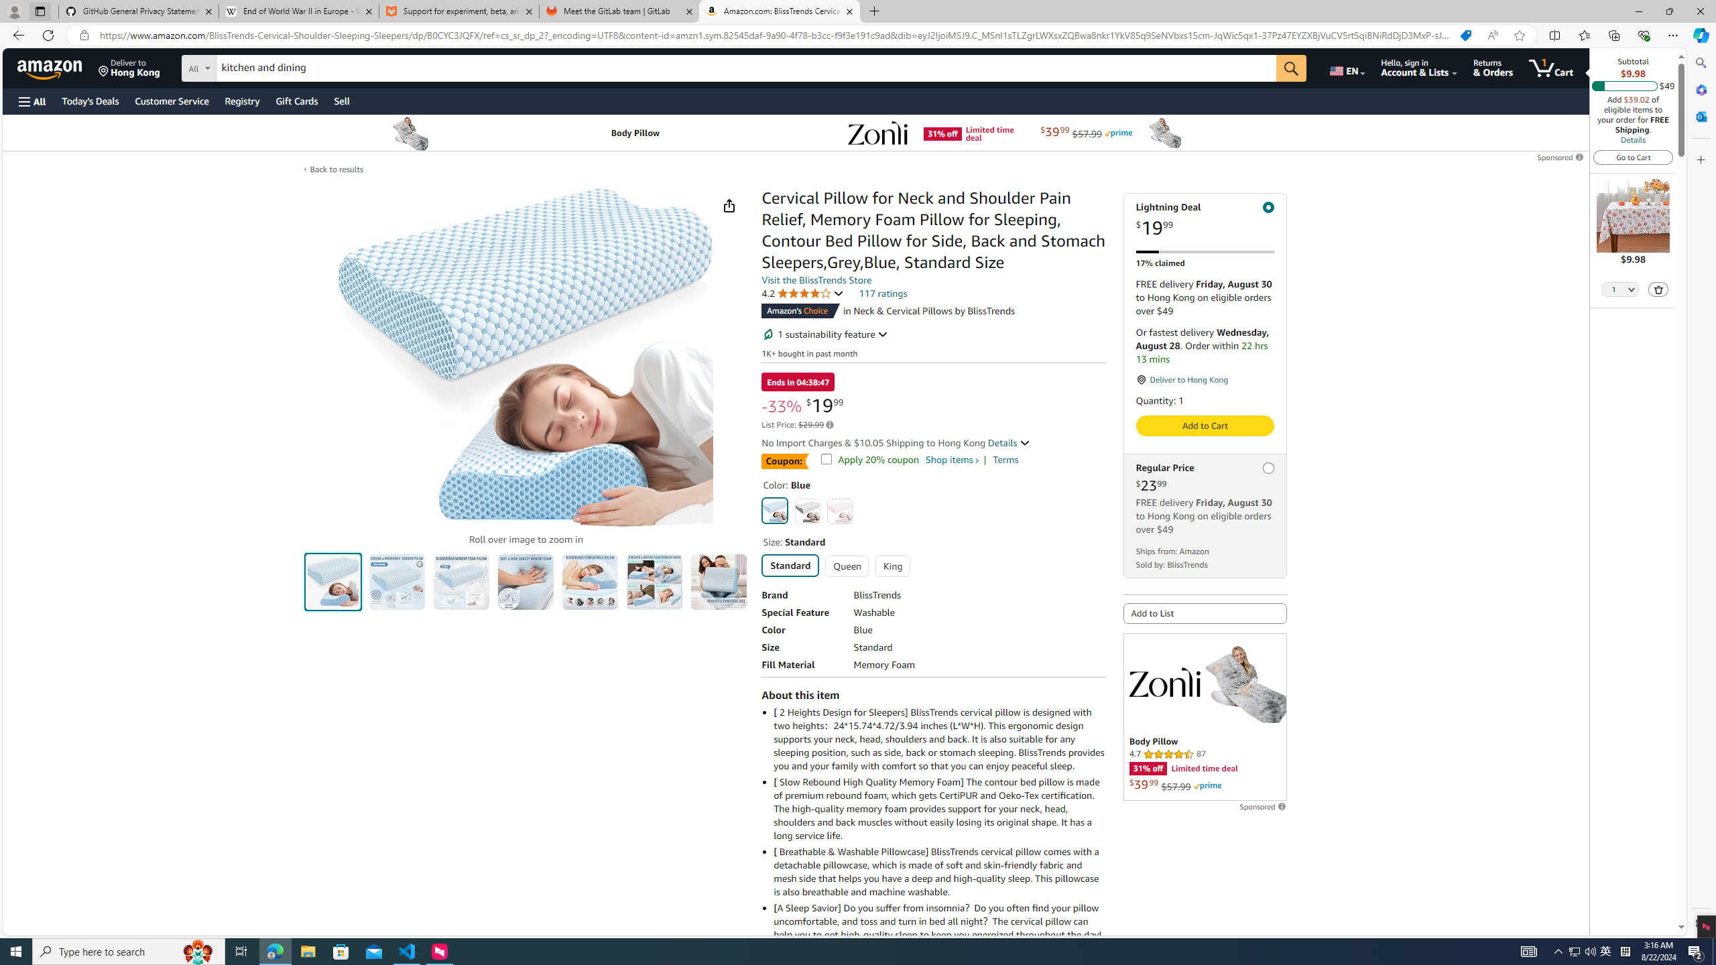  I want to click on 'Grey', so click(806, 511).